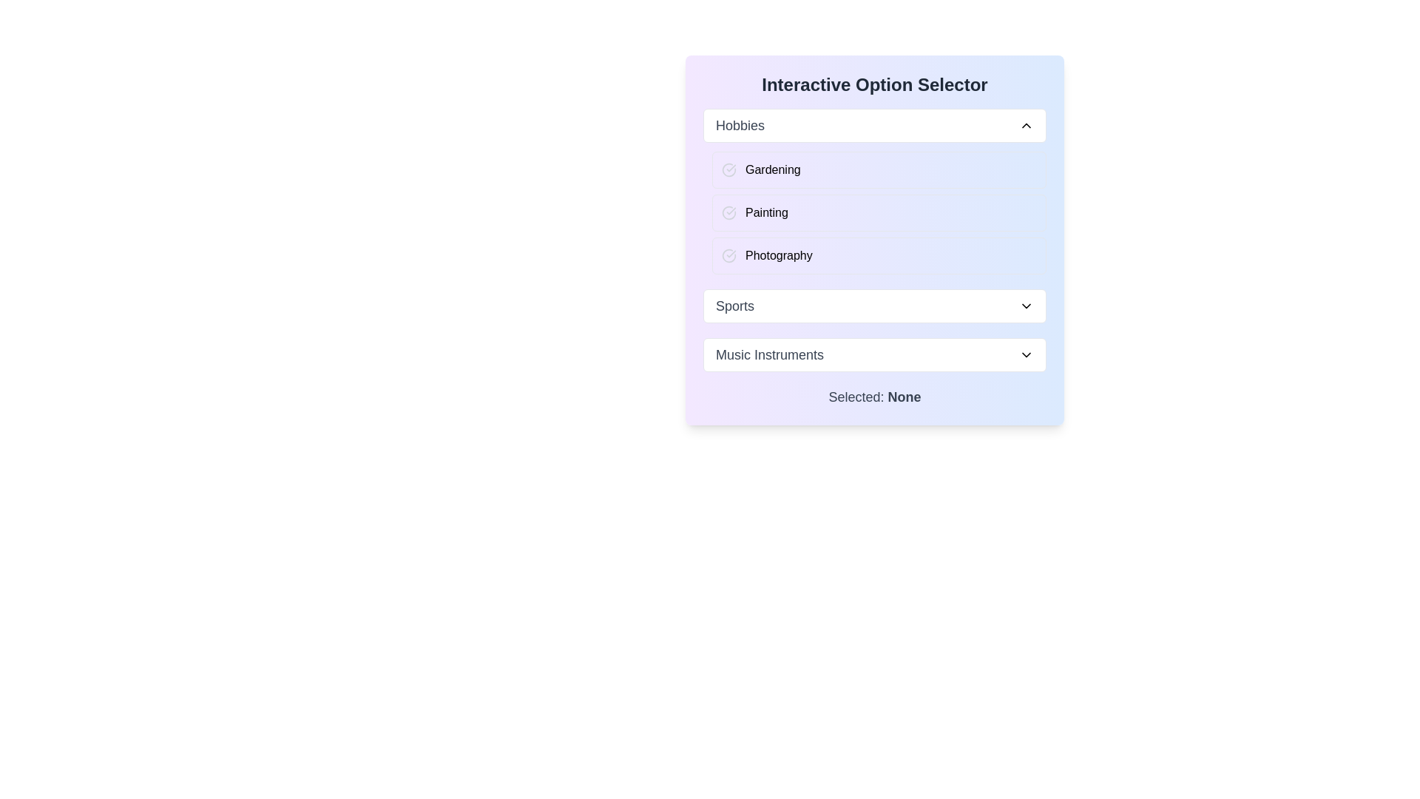  I want to click on the 'Gardening' selectable option in the hobbies category list, so click(874, 169).